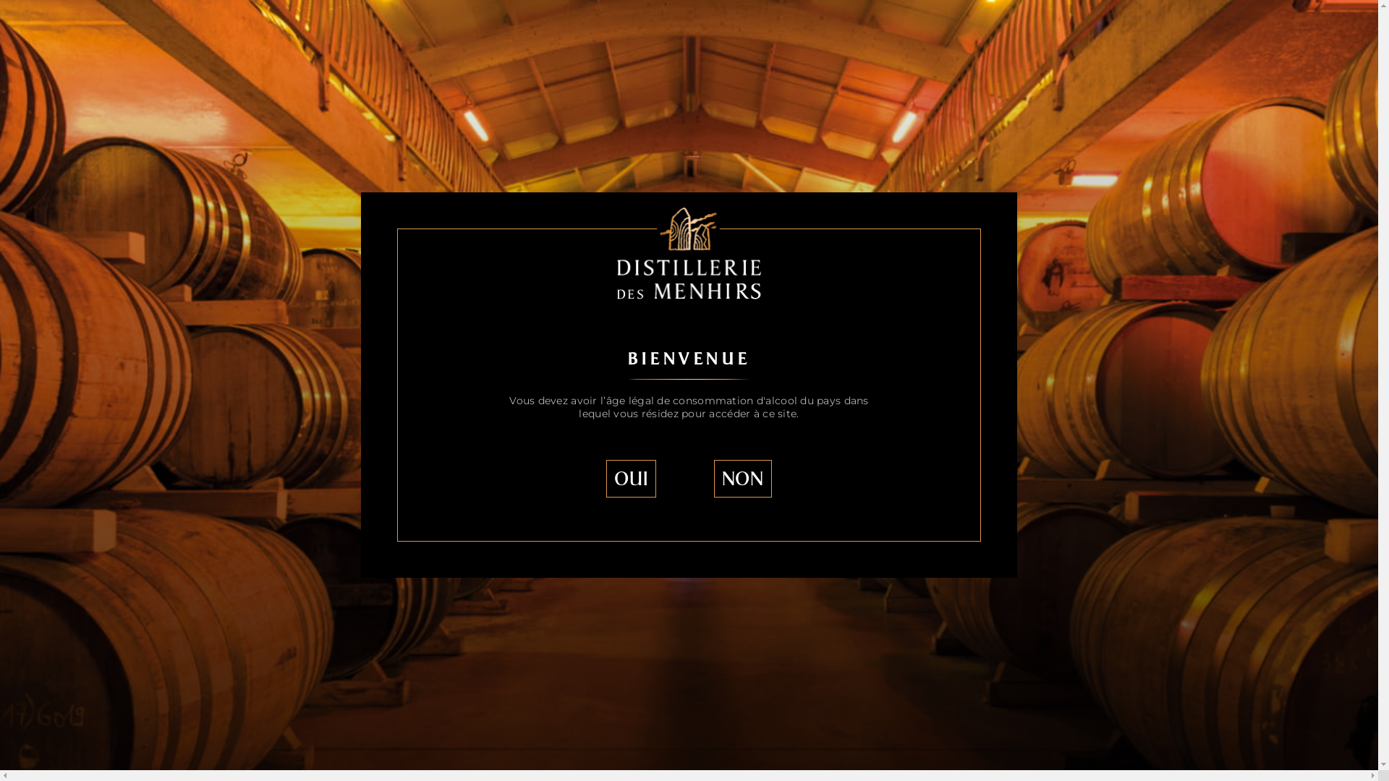 Image resolution: width=1389 pixels, height=781 pixels. Describe the element at coordinates (351, 33) in the screenshot. I see `'LA DISTILLERIE'` at that location.